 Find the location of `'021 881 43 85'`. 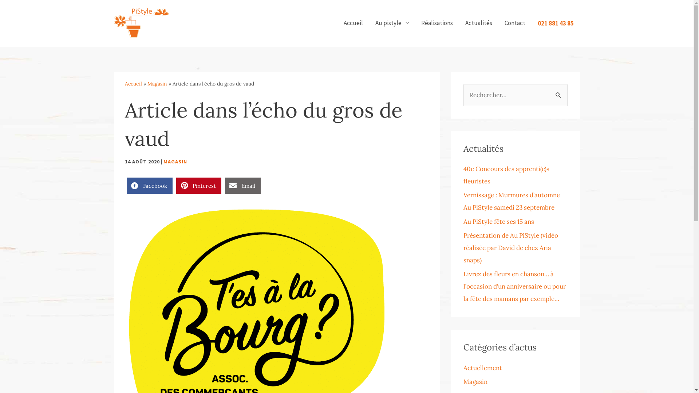

'021 881 43 85' is located at coordinates (555, 23).